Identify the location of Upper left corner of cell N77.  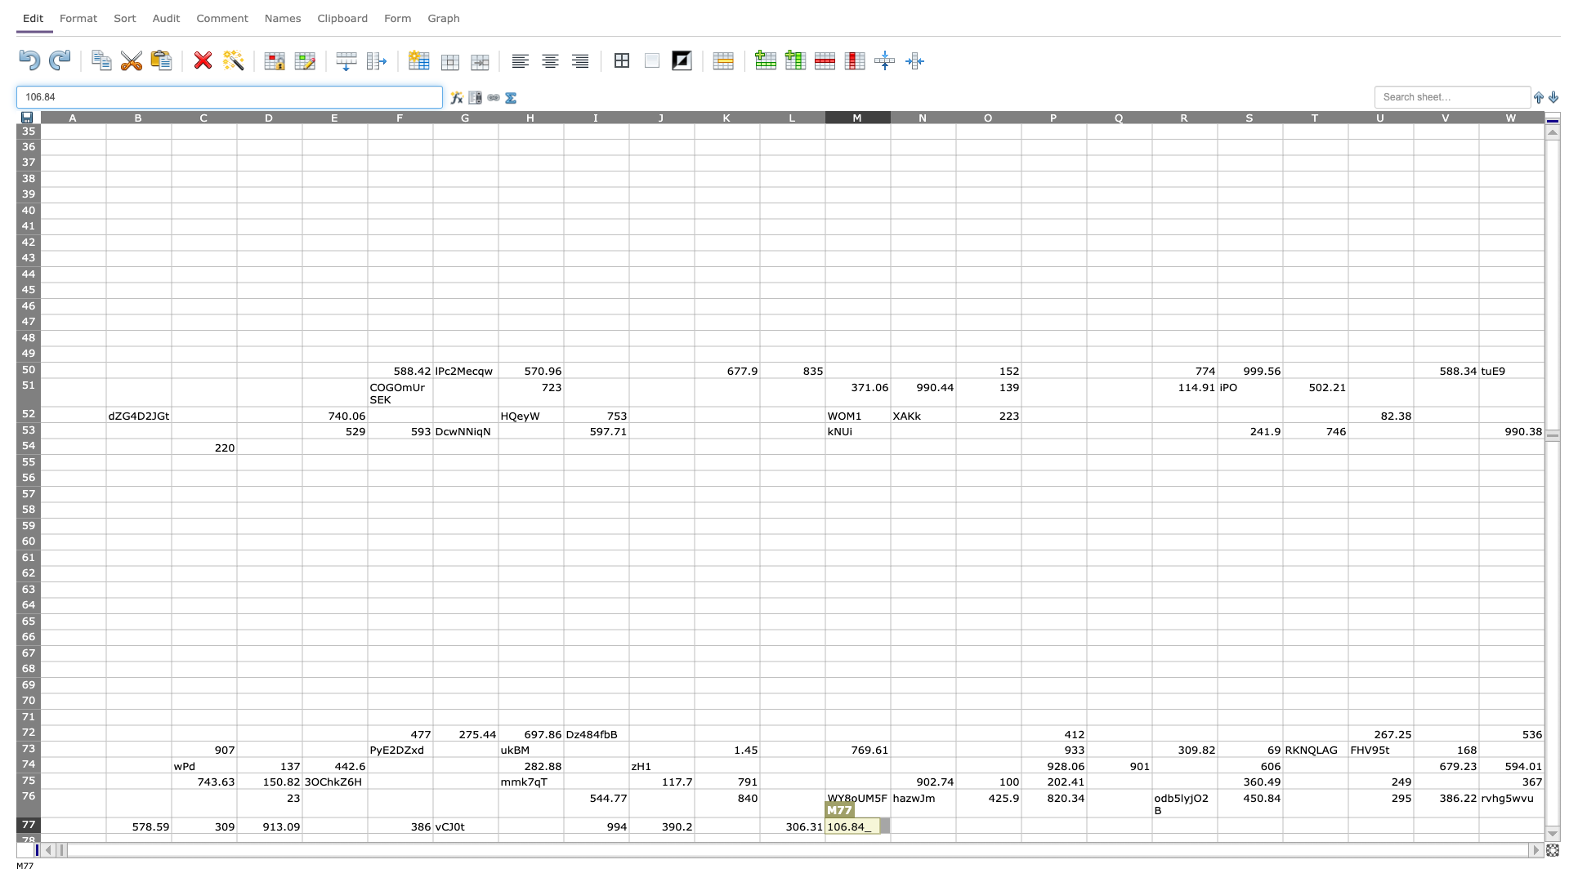
(889, 817).